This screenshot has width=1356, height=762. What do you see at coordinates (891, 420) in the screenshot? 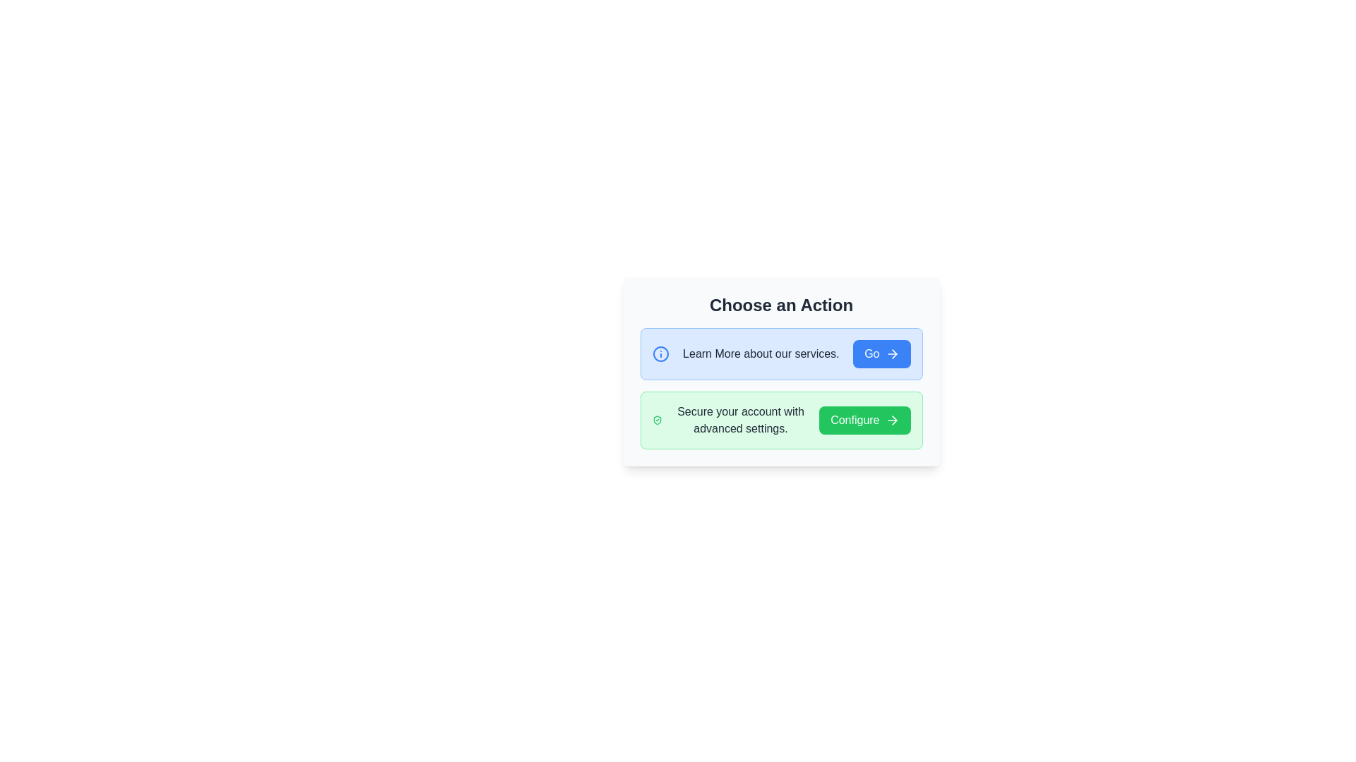
I see `the arrow icon inside the green 'Configure' button, which is located in the second row of the card layout` at bounding box center [891, 420].